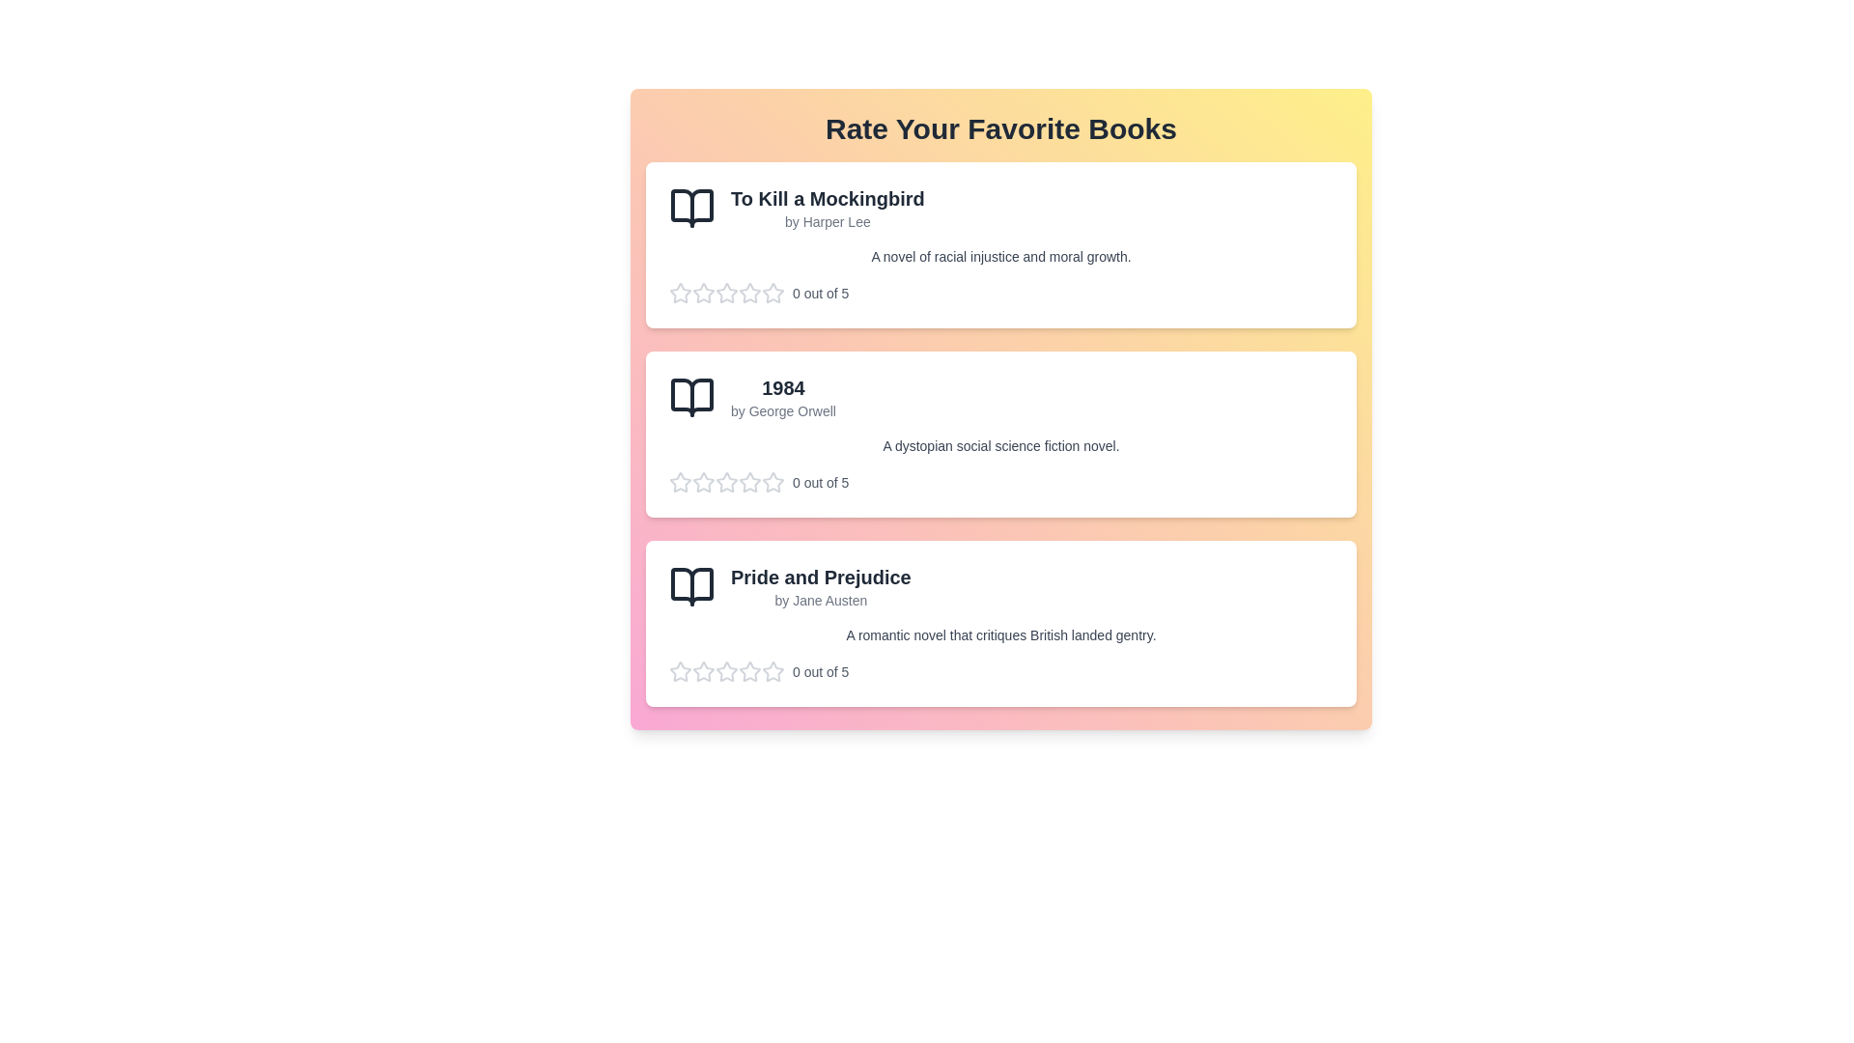  I want to click on the Text label indicating the author of the book, positioned below the title 'To Kill a Mockingbird' in the uppermost card of a vertical list, so click(828, 221).